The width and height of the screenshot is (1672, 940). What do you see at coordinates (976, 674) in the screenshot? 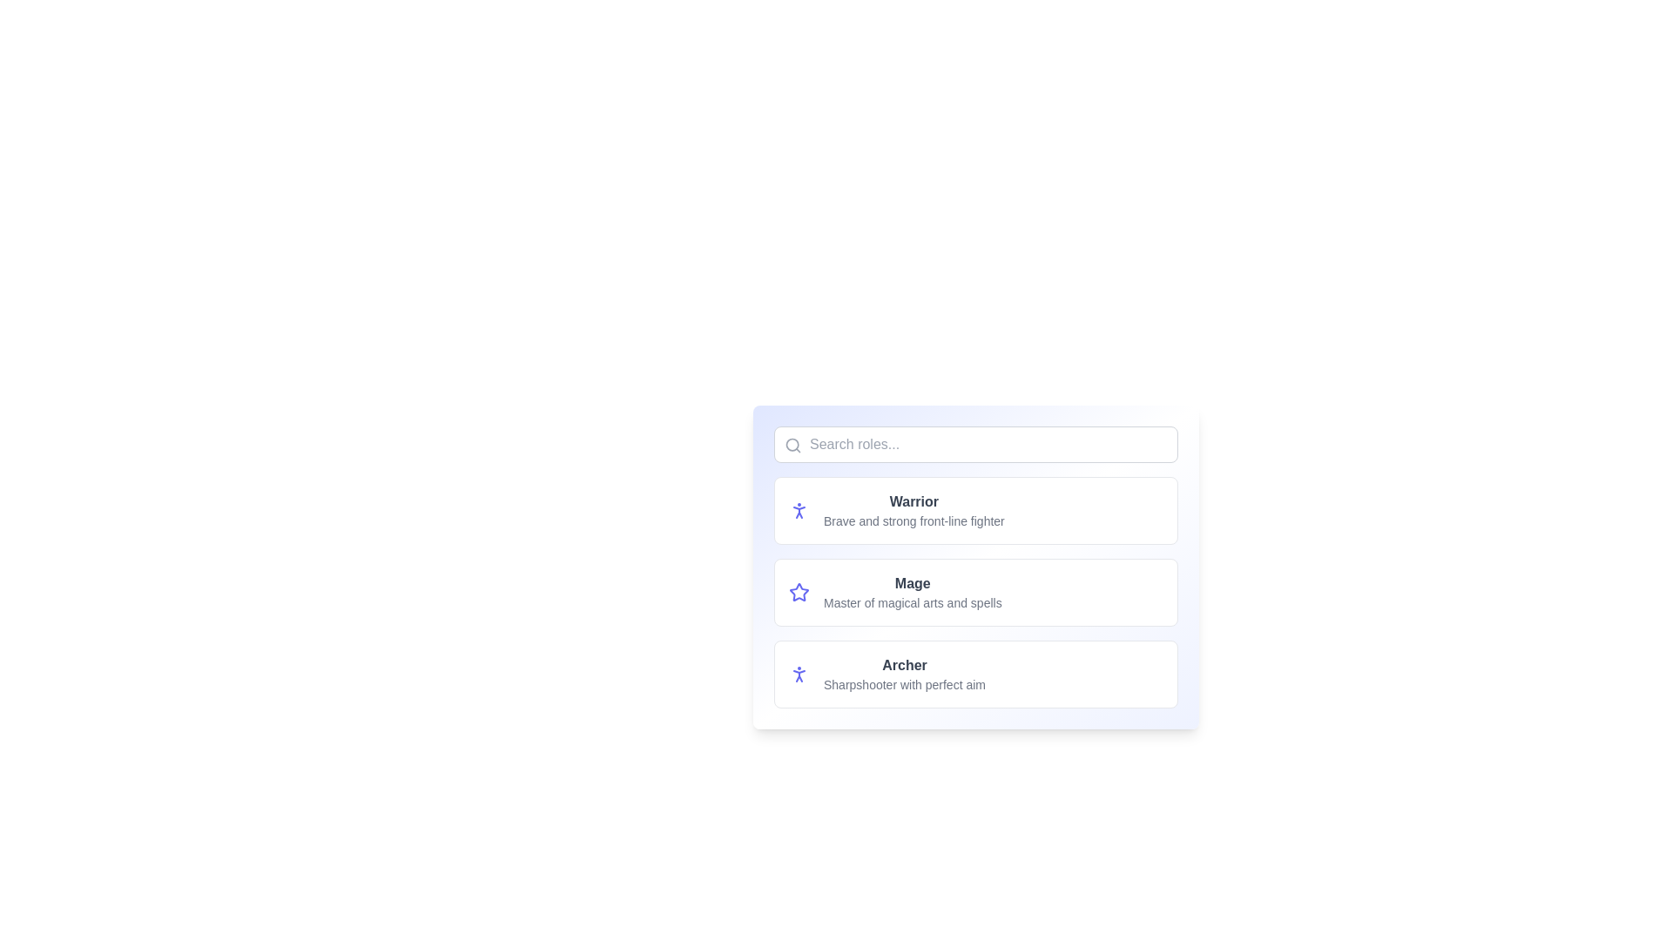
I see `the third selectable item` at bounding box center [976, 674].